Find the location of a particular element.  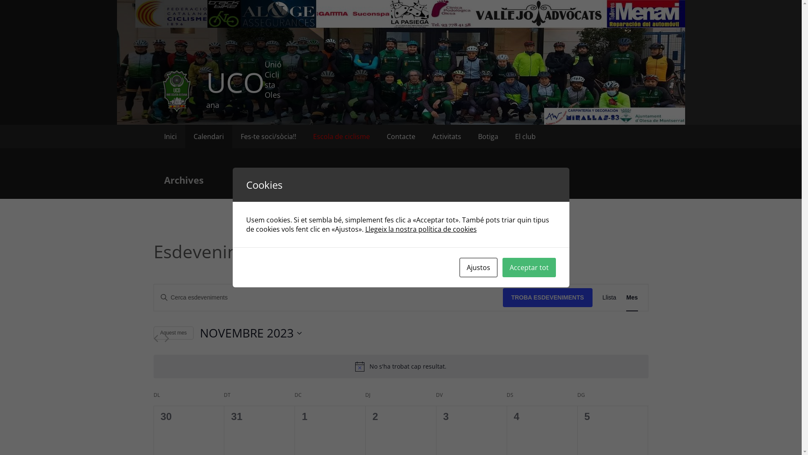

'Botiga' is located at coordinates (488, 136).